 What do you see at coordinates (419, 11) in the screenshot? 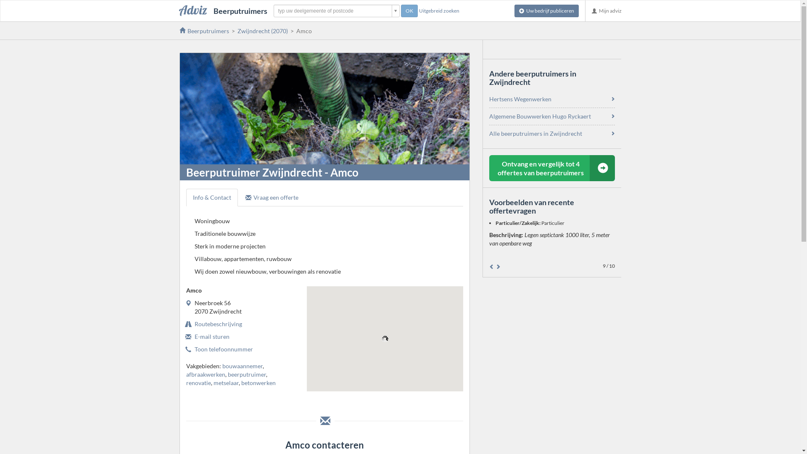
I see `'Uitgebreid zoeken'` at bounding box center [419, 11].